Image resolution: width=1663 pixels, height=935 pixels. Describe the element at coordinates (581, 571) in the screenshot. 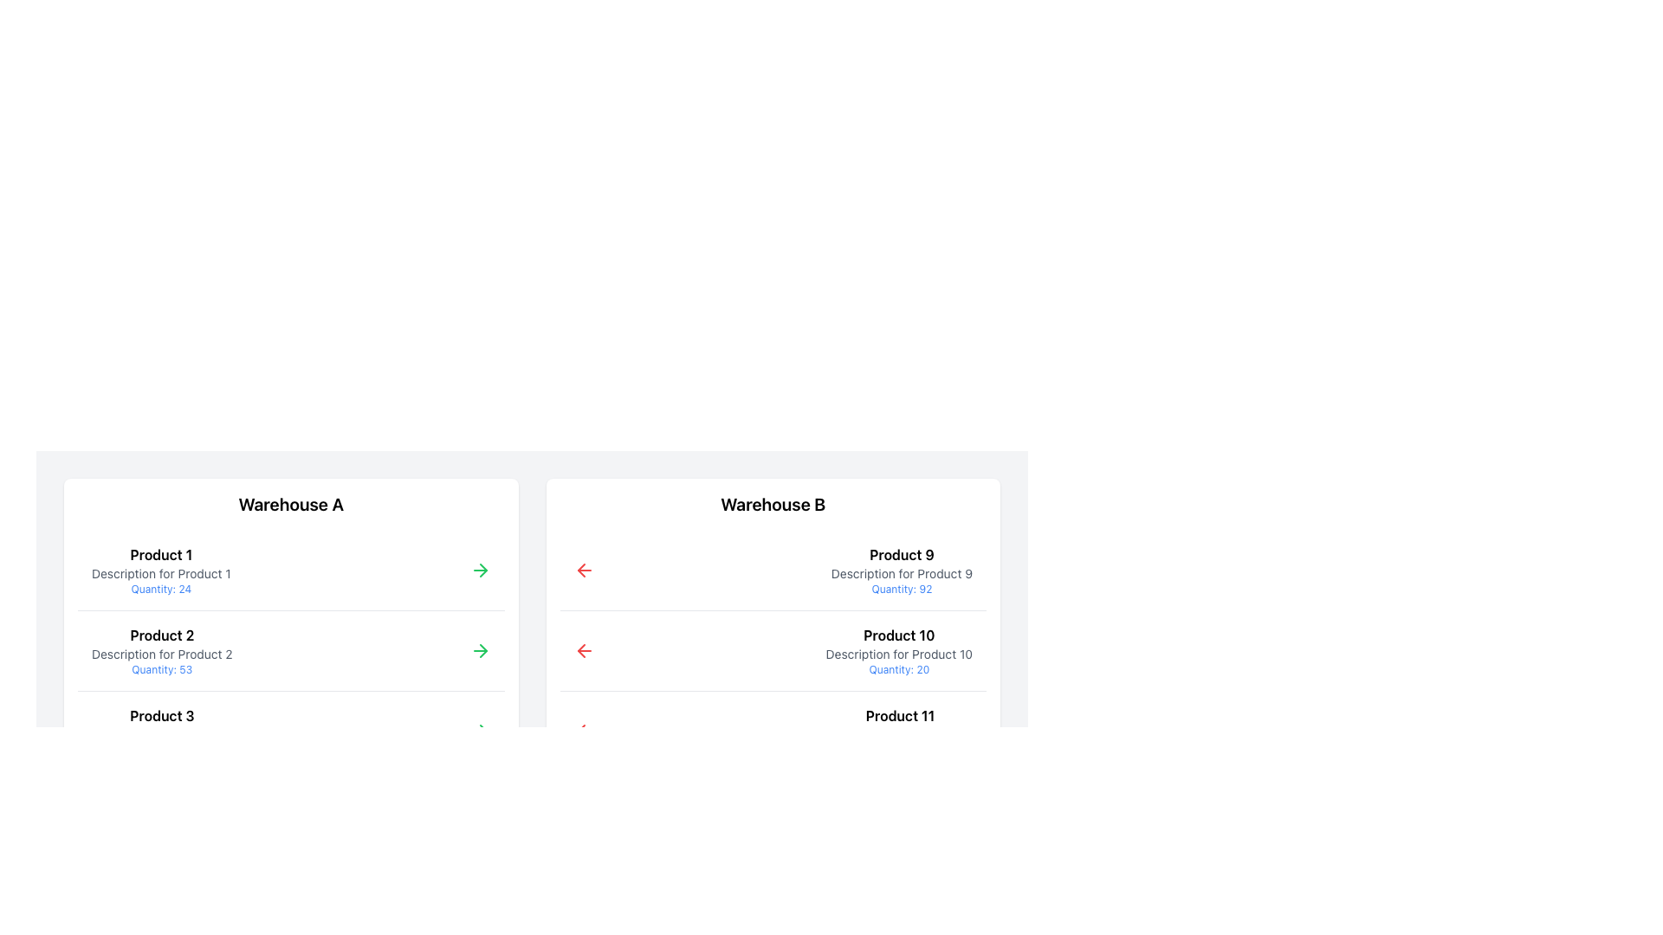

I see `the left-pointing chevron SVG icon located within the red SVG graphic in the 'Warehouse B' panel` at that location.